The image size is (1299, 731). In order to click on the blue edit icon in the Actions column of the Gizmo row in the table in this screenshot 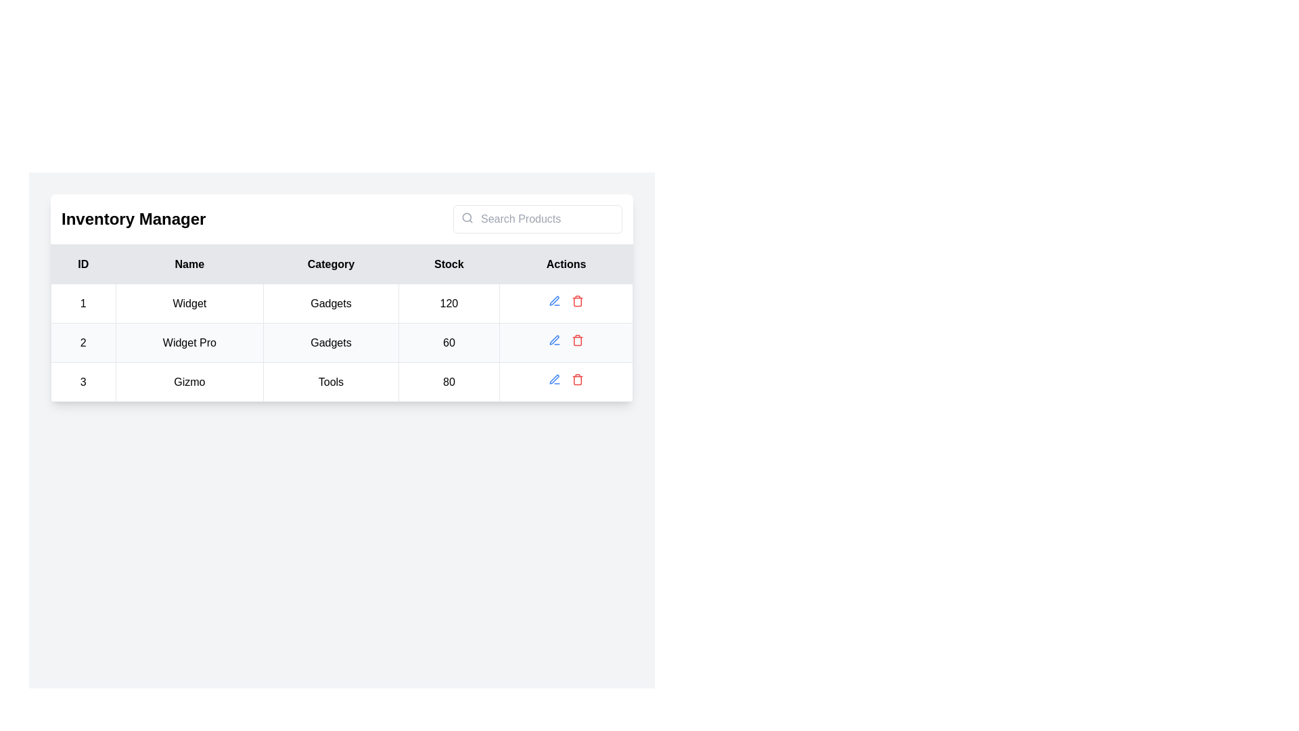, I will do `click(566, 382)`.